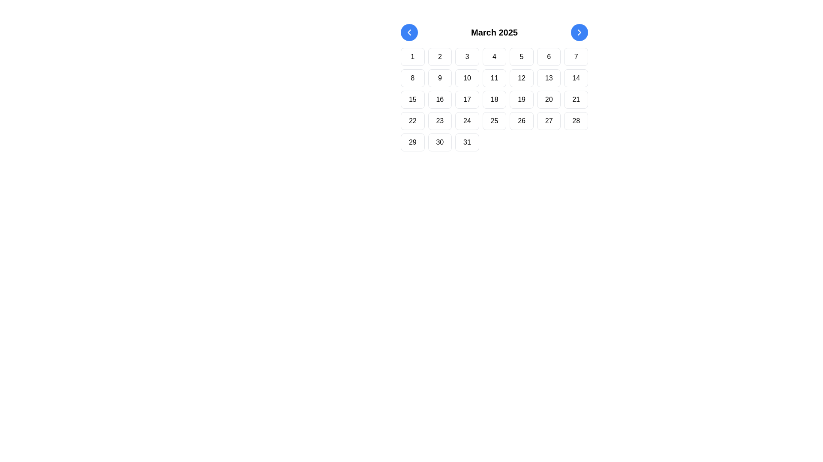  Describe the element at coordinates (440, 121) in the screenshot. I see `the square button with rounded corners containing the numeric text '23'` at that location.